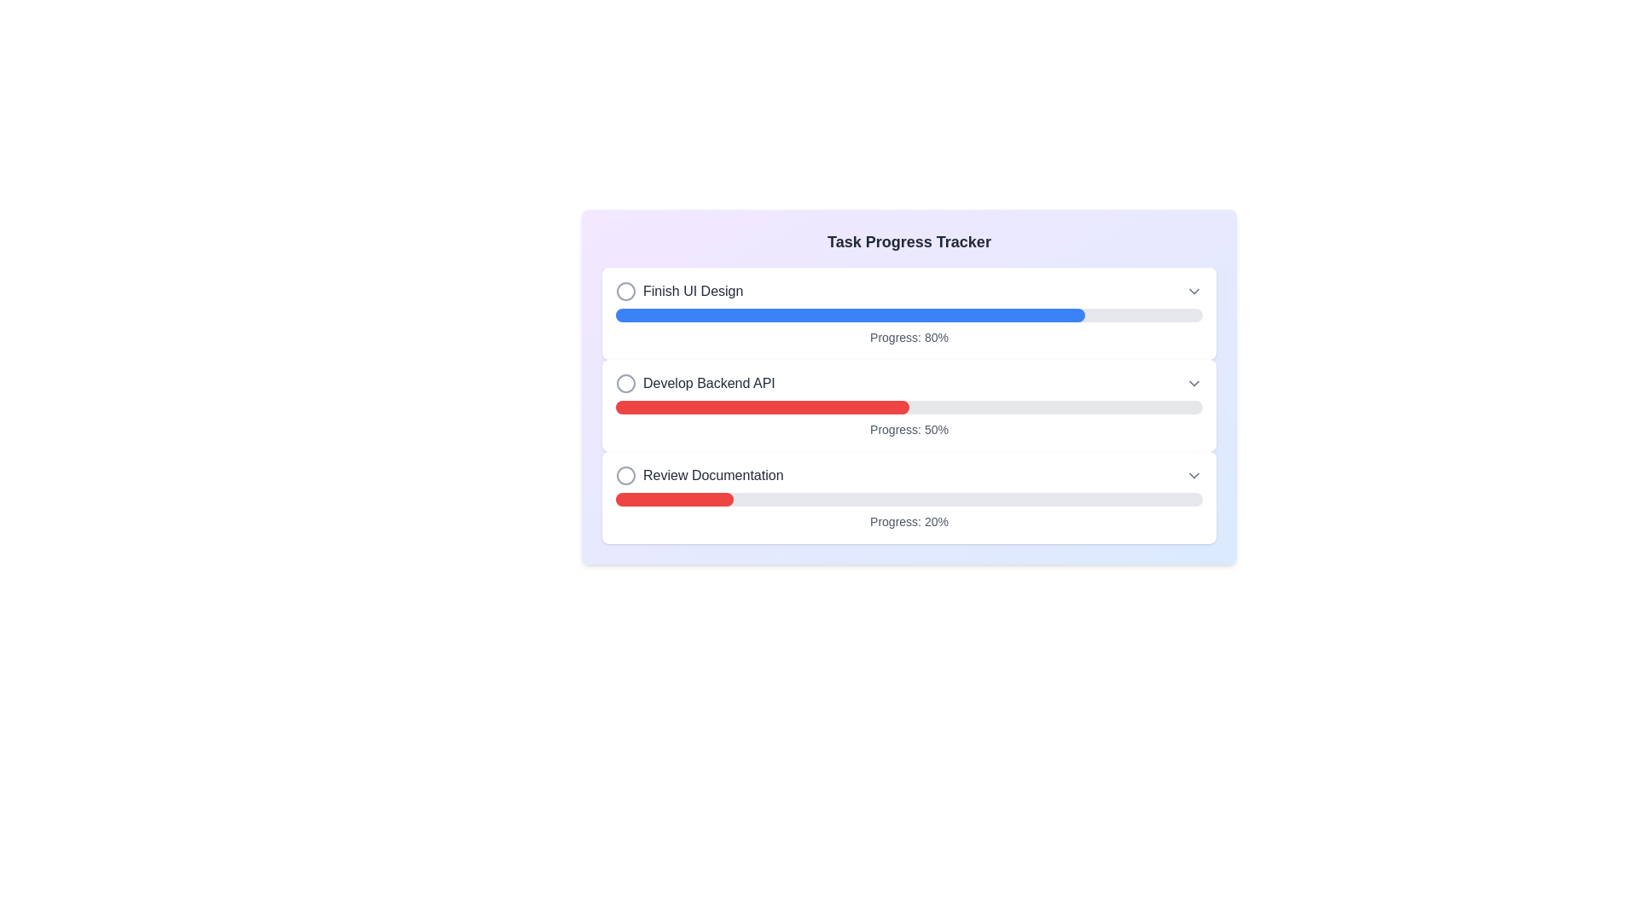 Image resolution: width=1638 pixels, height=921 pixels. I want to click on the status indicator icon located immediately to the left of the text 'Finish UI Design', so click(625, 291).